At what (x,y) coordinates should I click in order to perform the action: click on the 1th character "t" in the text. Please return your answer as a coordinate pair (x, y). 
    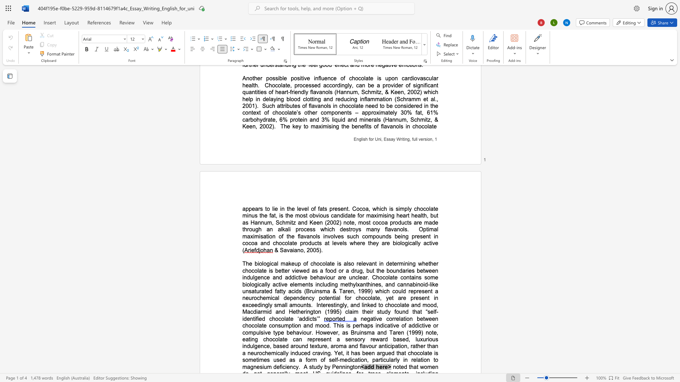
    Looking at the image, I should click on (312, 366).